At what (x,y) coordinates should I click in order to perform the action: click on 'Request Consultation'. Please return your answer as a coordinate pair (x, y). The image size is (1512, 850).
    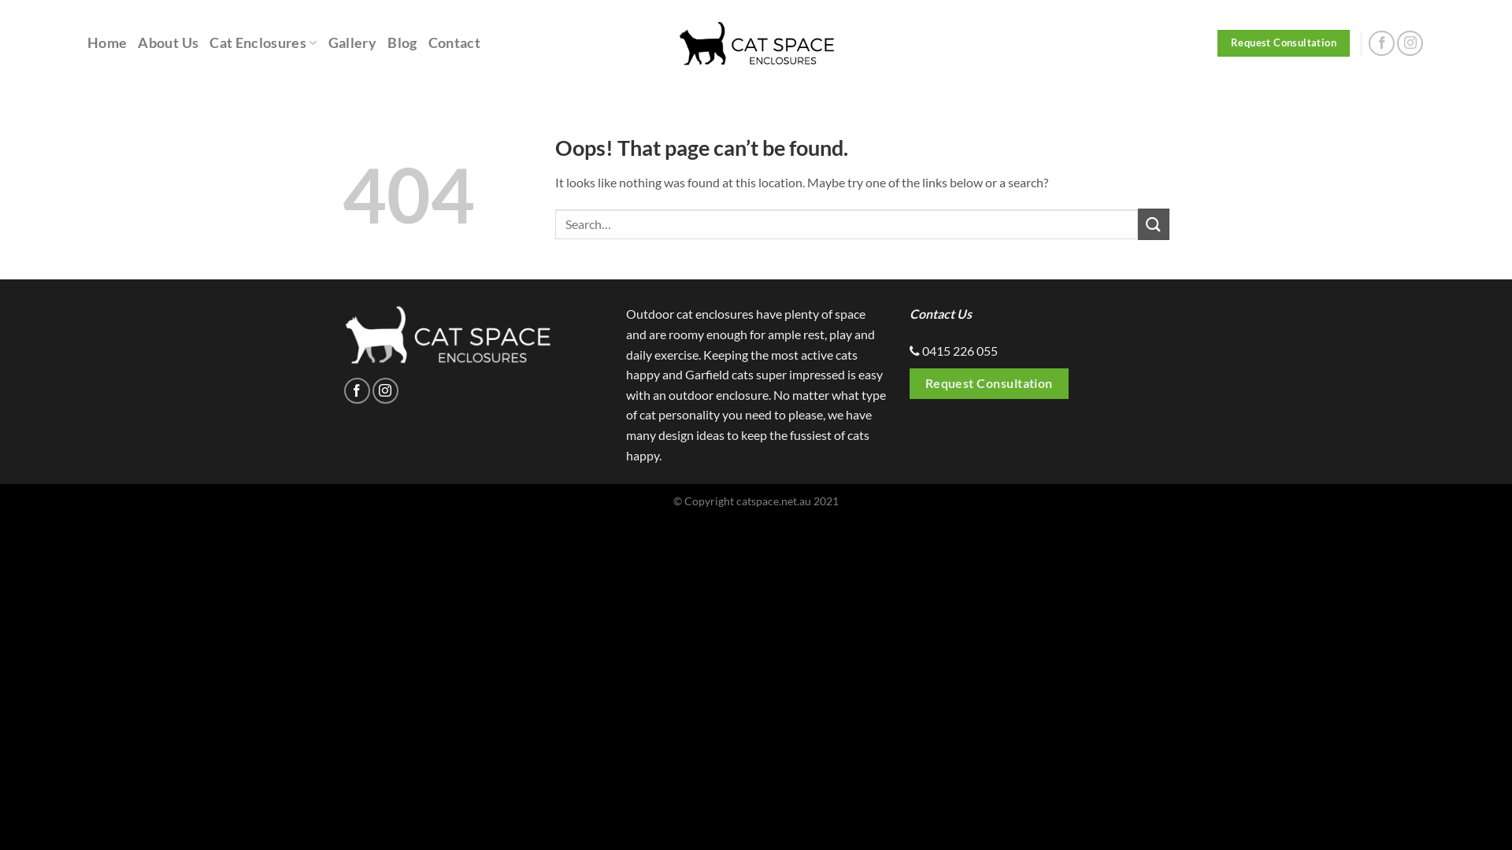
    Looking at the image, I should click on (1284, 42).